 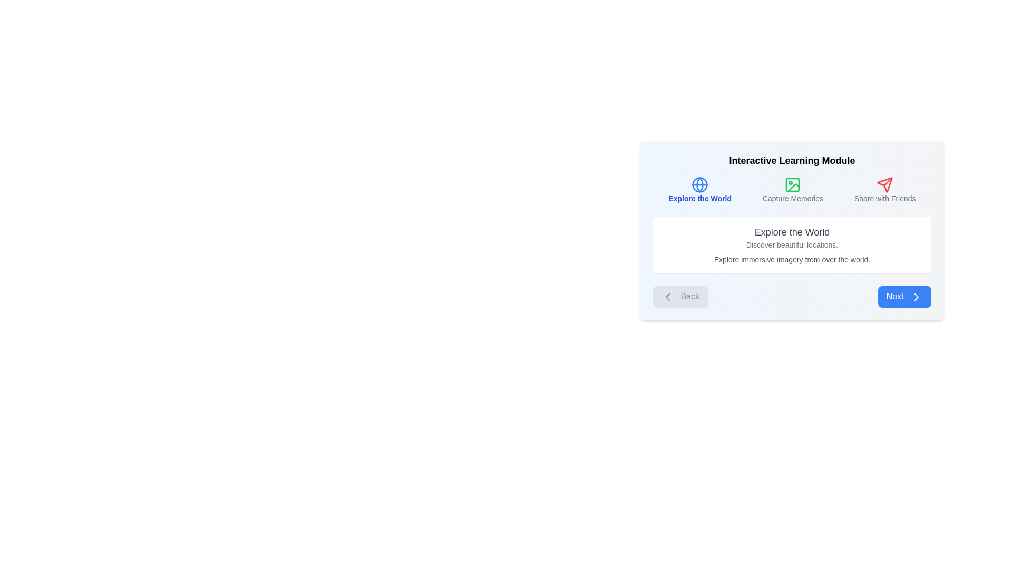 What do you see at coordinates (700, 184) in the screenshot?
I see `the circular globe-shaped icon, which is styled in blue and represents a global theme, located in the navigation panel to the left of the text 'Explore the World'` at bounding box center [700, 184].